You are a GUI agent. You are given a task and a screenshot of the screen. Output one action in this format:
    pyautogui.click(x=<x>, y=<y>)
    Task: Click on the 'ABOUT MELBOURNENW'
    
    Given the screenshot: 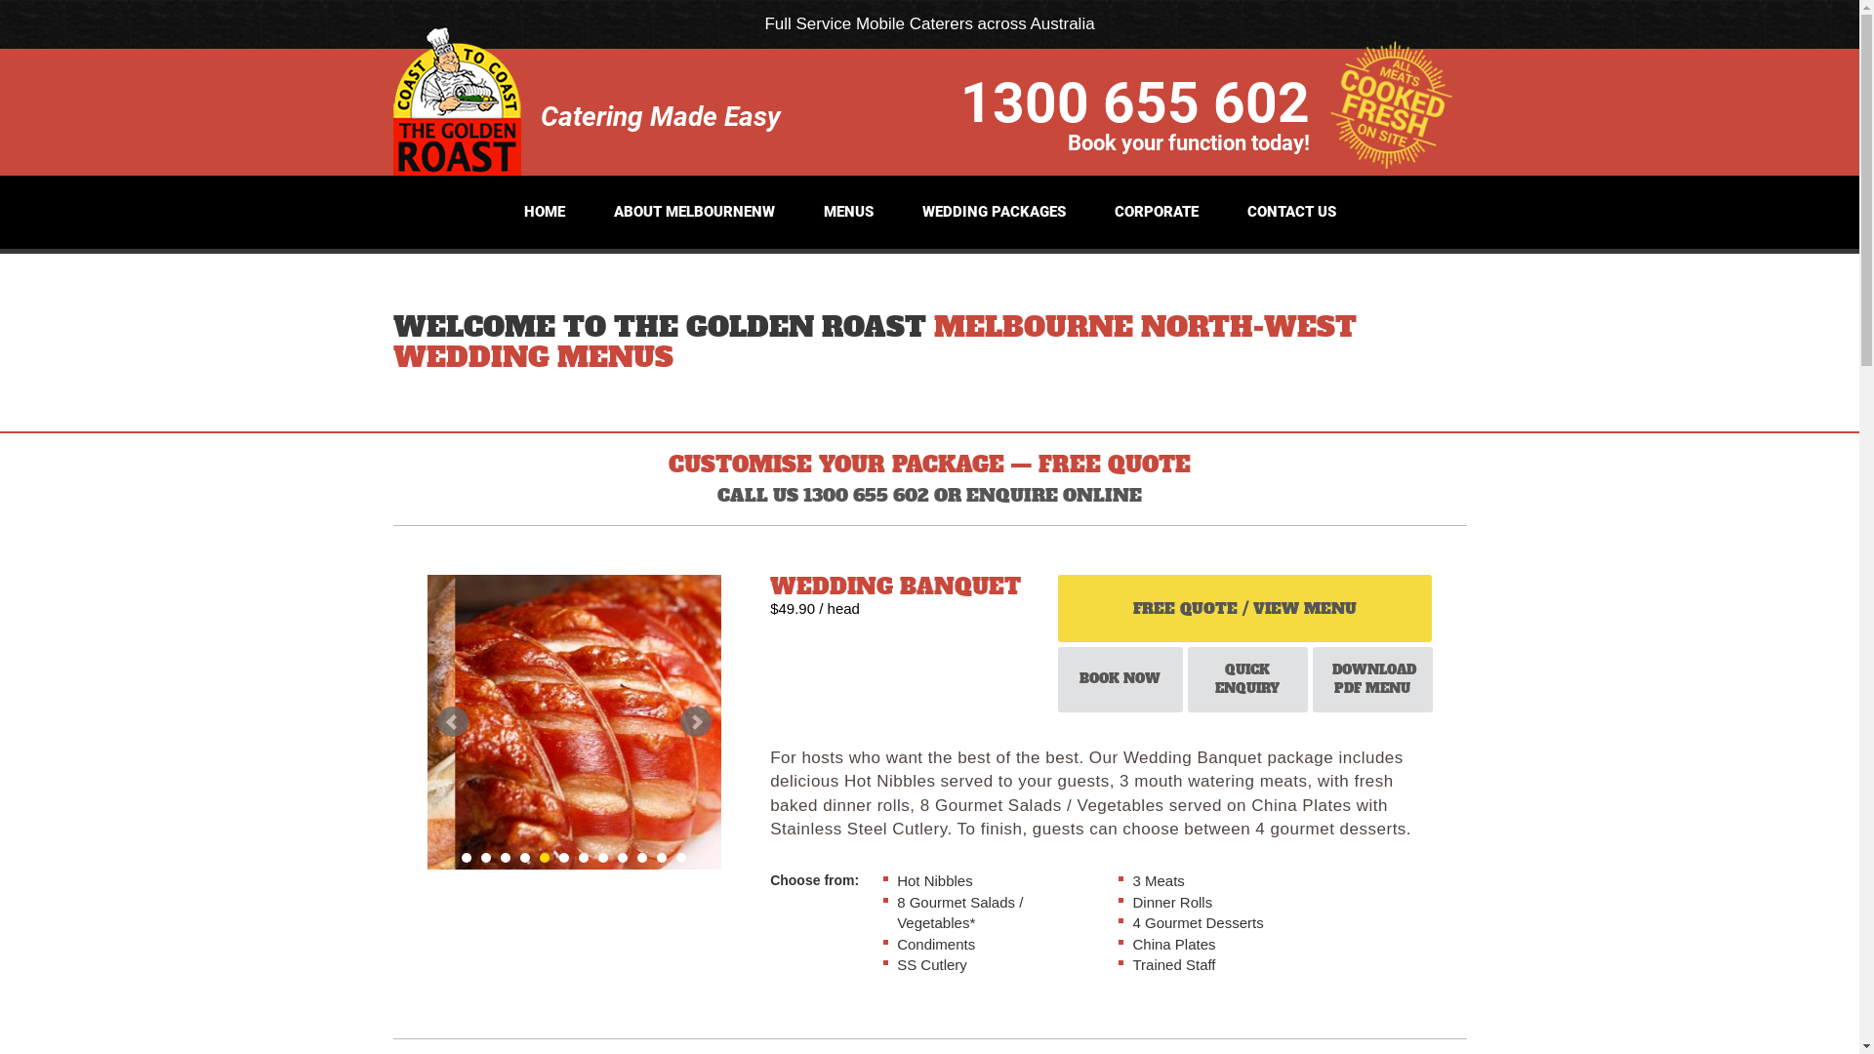 What is the action you would take?
    pyautogui.click(x=693, y=212)
    